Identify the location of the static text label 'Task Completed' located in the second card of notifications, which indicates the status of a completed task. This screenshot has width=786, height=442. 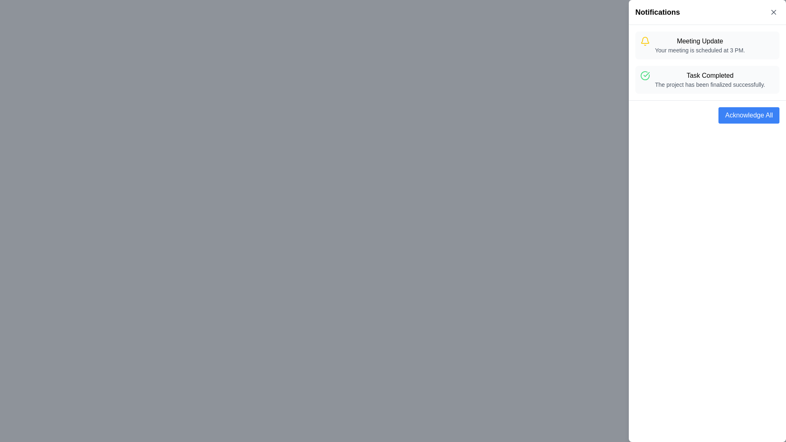
(709, 76).